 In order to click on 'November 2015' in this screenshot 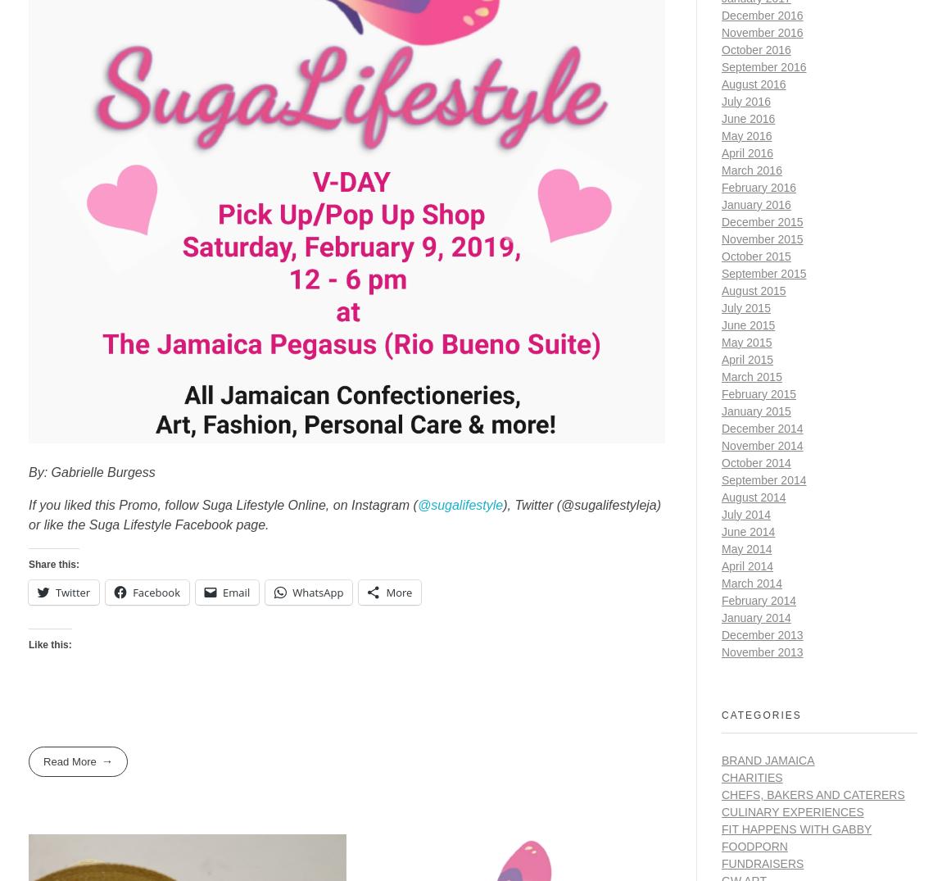, I will do `click(762, 238)`.